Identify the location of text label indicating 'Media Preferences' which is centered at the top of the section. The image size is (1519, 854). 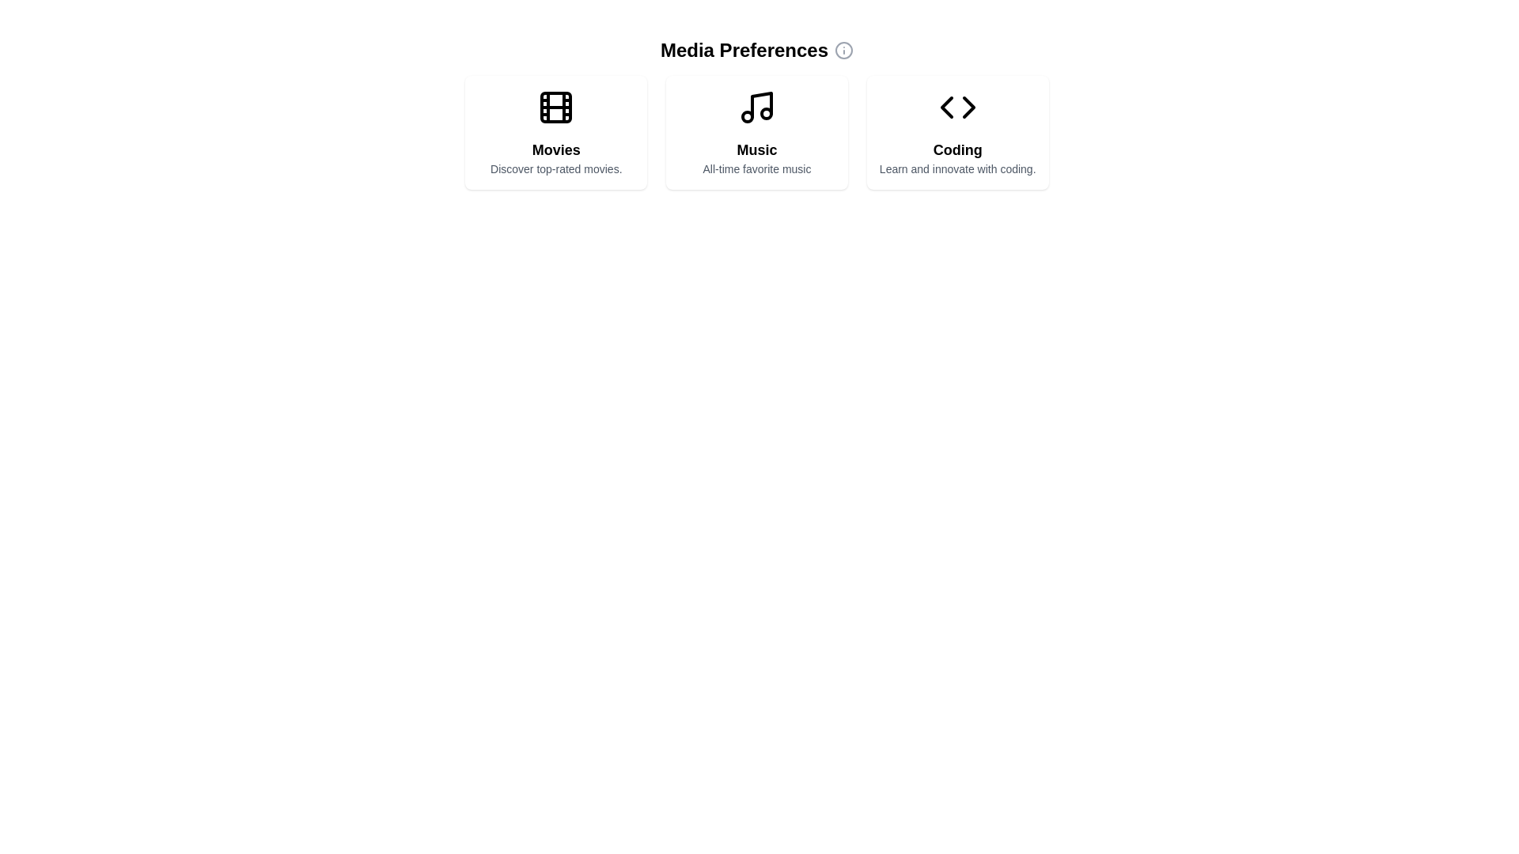
(743, 50).